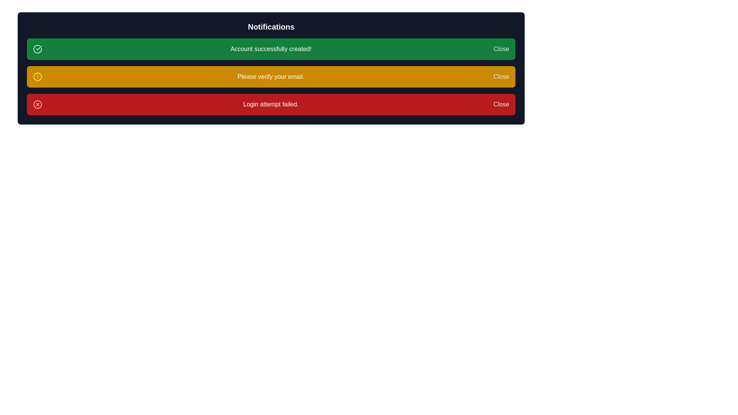 This screenshot has height=415, width=738. I want to click on the rightmost button in the first notification bar, so click(501, 49).